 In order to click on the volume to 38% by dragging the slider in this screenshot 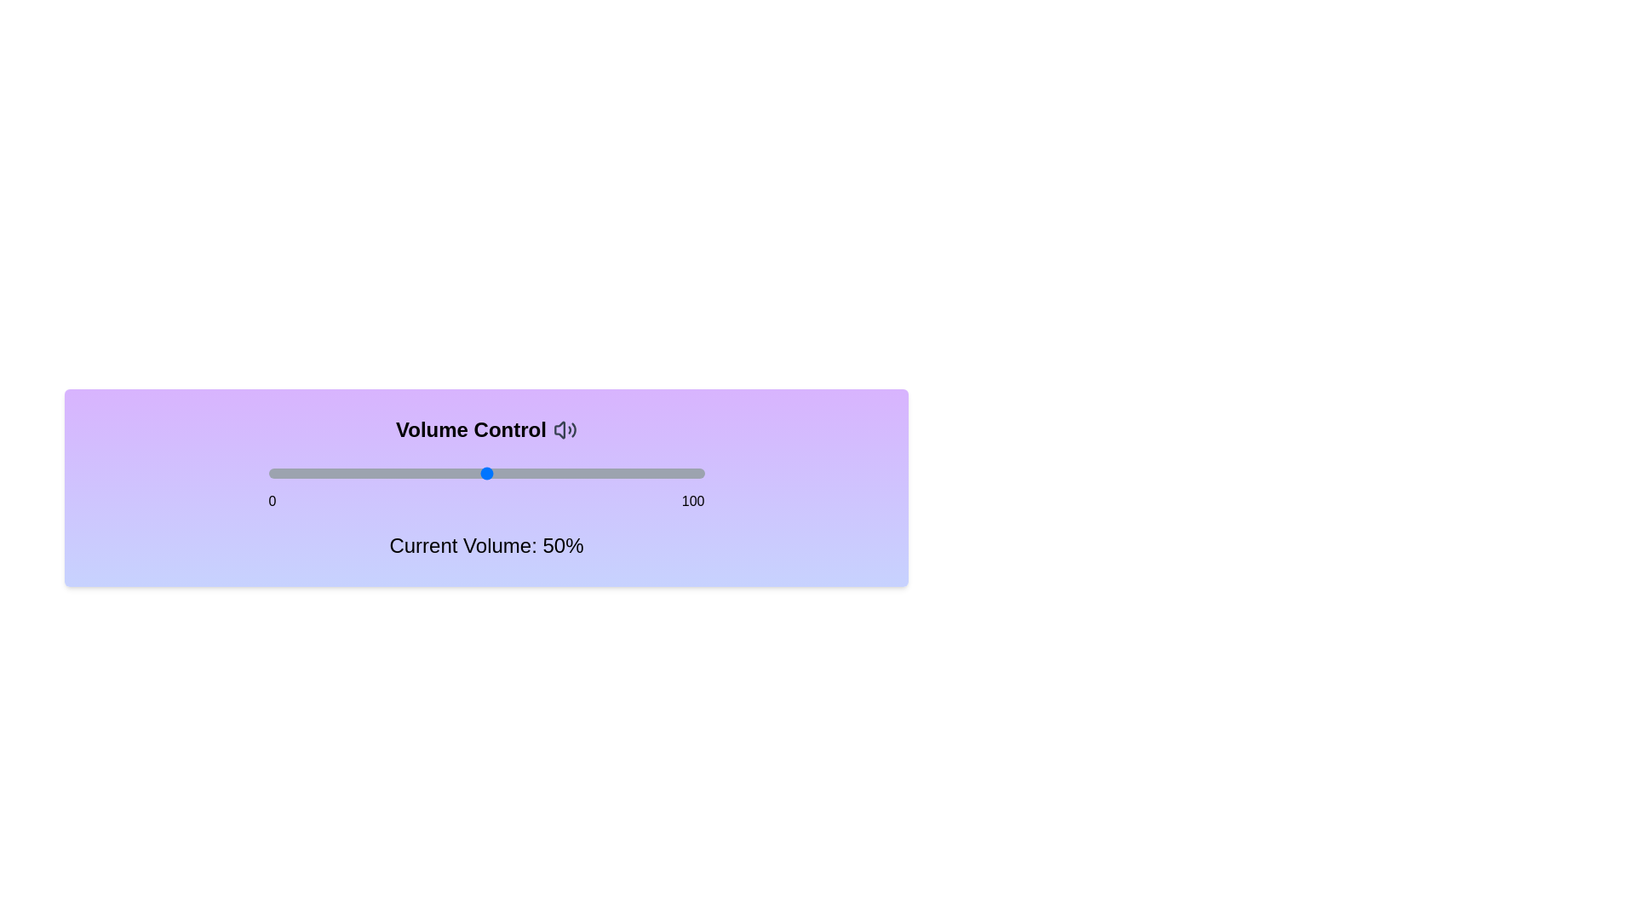, I will do `click(434, 473)`.